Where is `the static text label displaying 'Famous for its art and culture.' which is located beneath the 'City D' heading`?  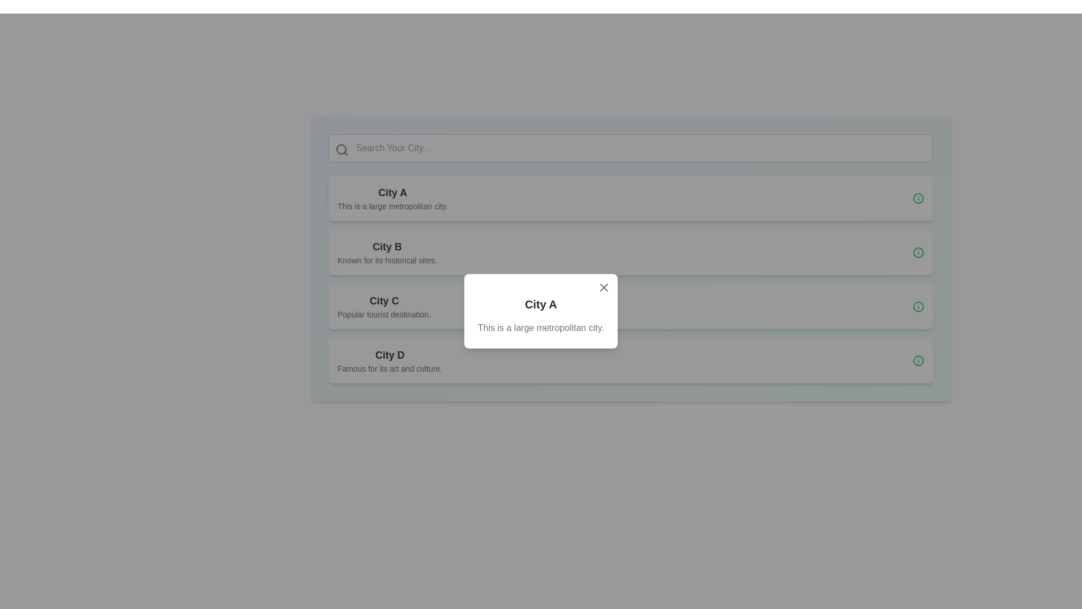 the static text label displaying 'Famous for its art and culture.' which is located beneath the 'City D' heading is located at coordinates (389, 369).